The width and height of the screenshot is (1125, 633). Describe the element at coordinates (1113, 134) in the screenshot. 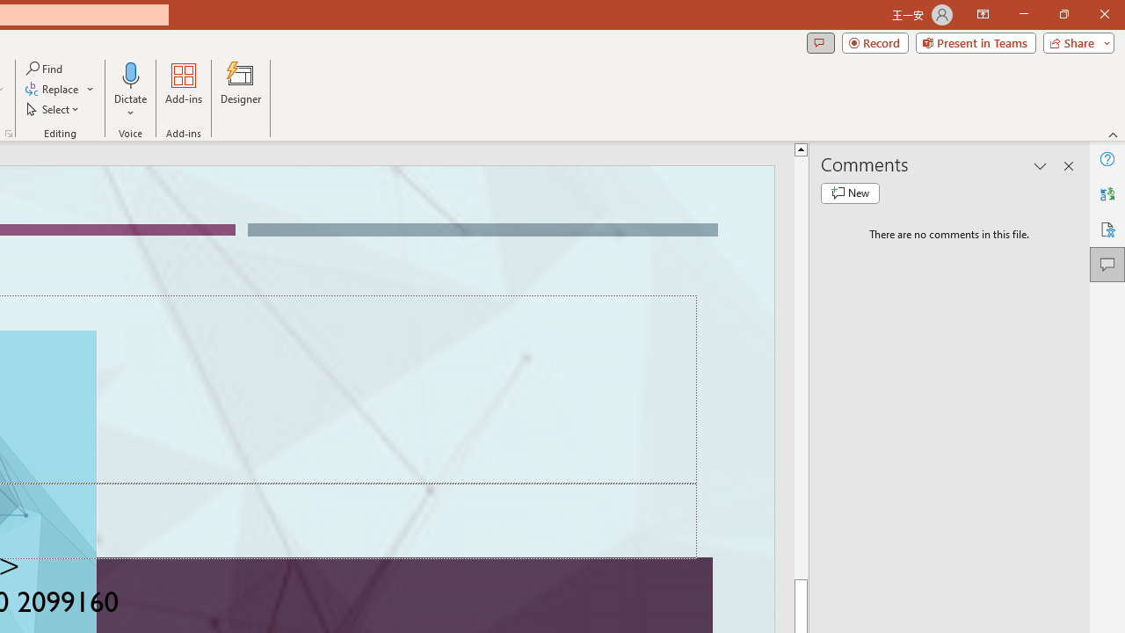

I see `'Collapse the Ribbon'` at that location.